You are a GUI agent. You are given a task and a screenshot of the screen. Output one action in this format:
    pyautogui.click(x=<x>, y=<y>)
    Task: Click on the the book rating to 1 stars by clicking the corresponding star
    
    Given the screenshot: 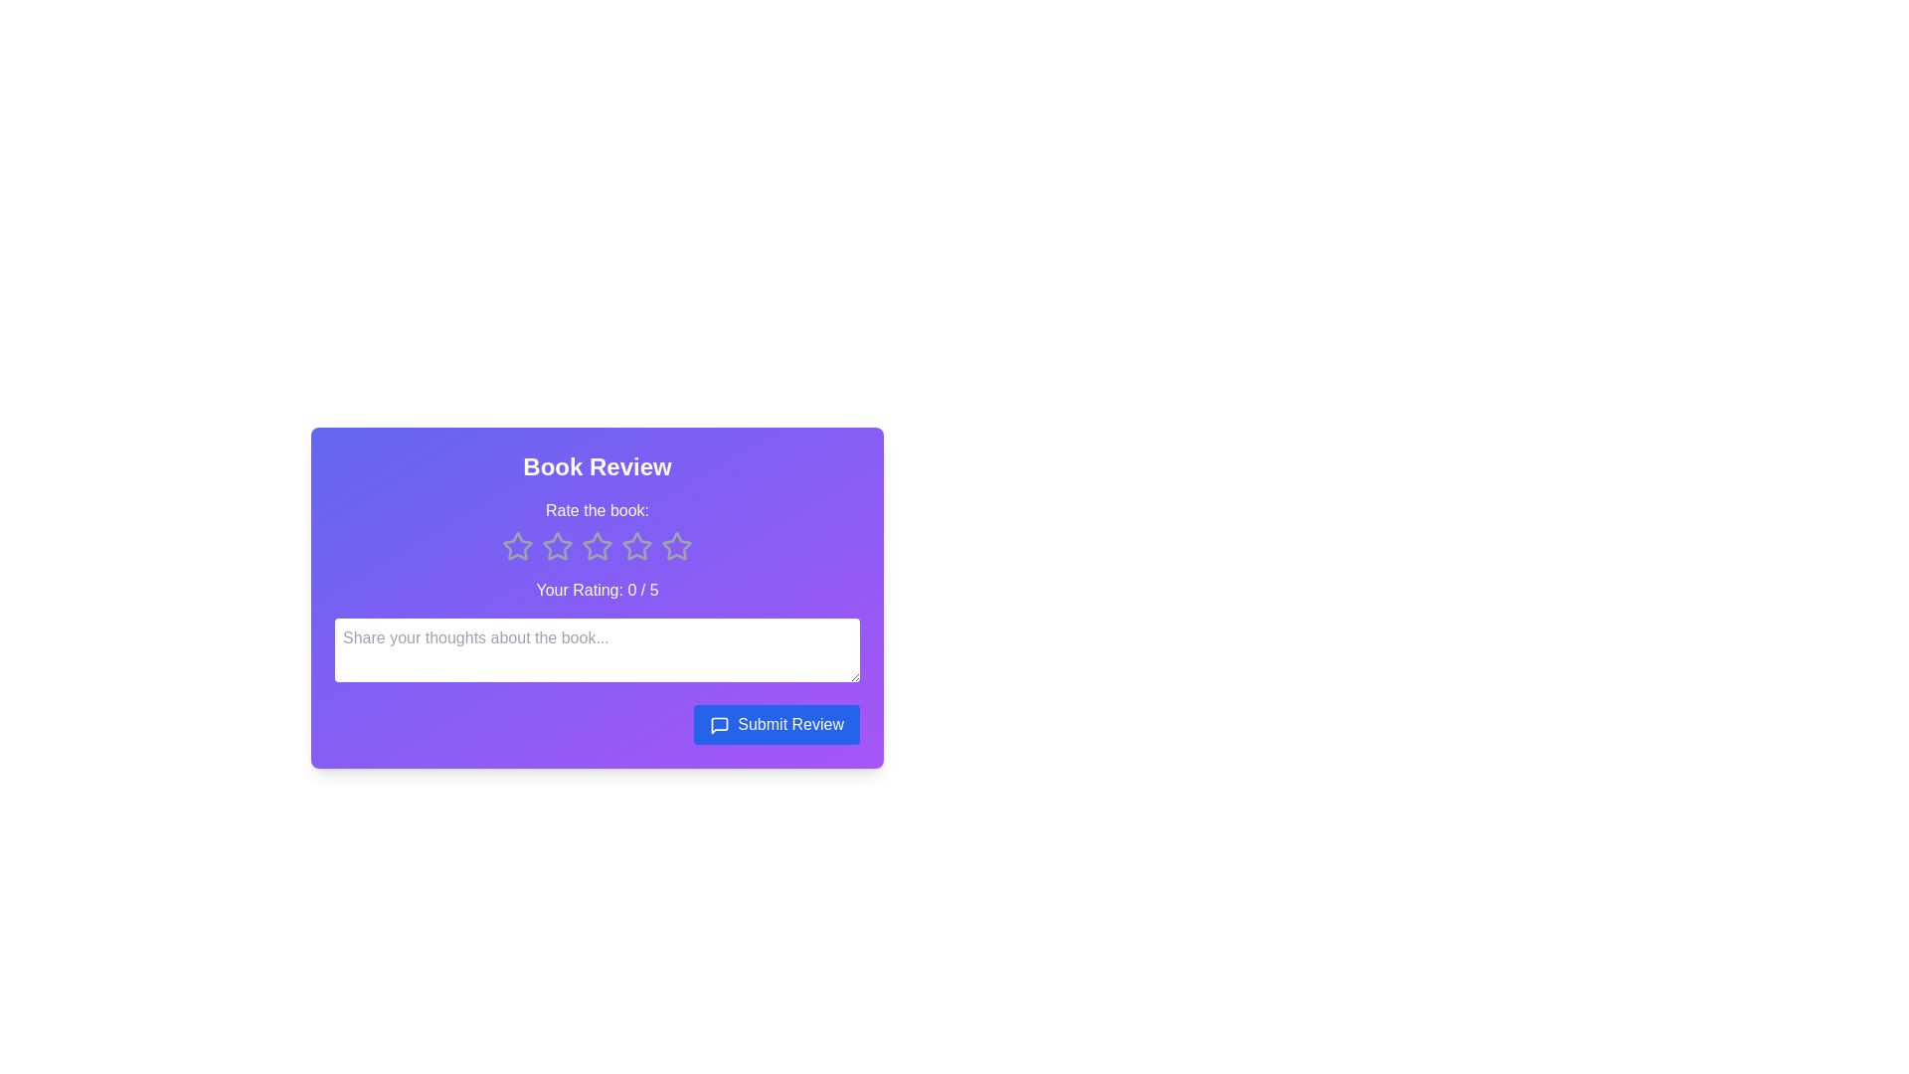 What is the action you would take?
    pyautogui.click(x=518, y=547)
    